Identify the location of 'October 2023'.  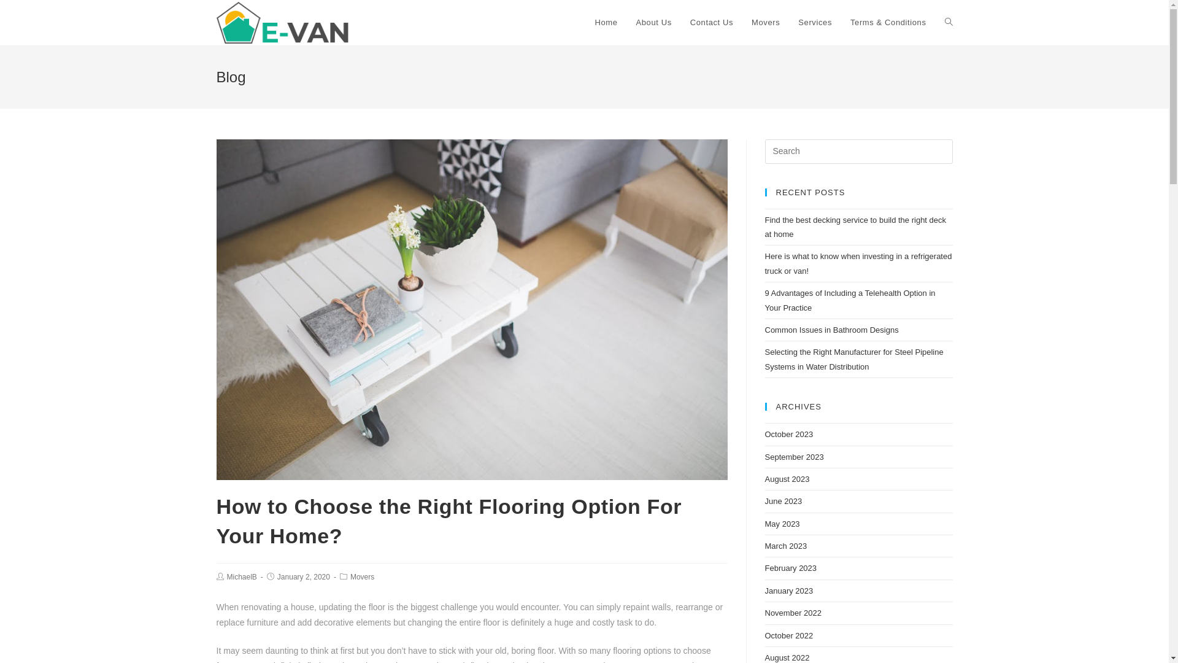
(788, 433).